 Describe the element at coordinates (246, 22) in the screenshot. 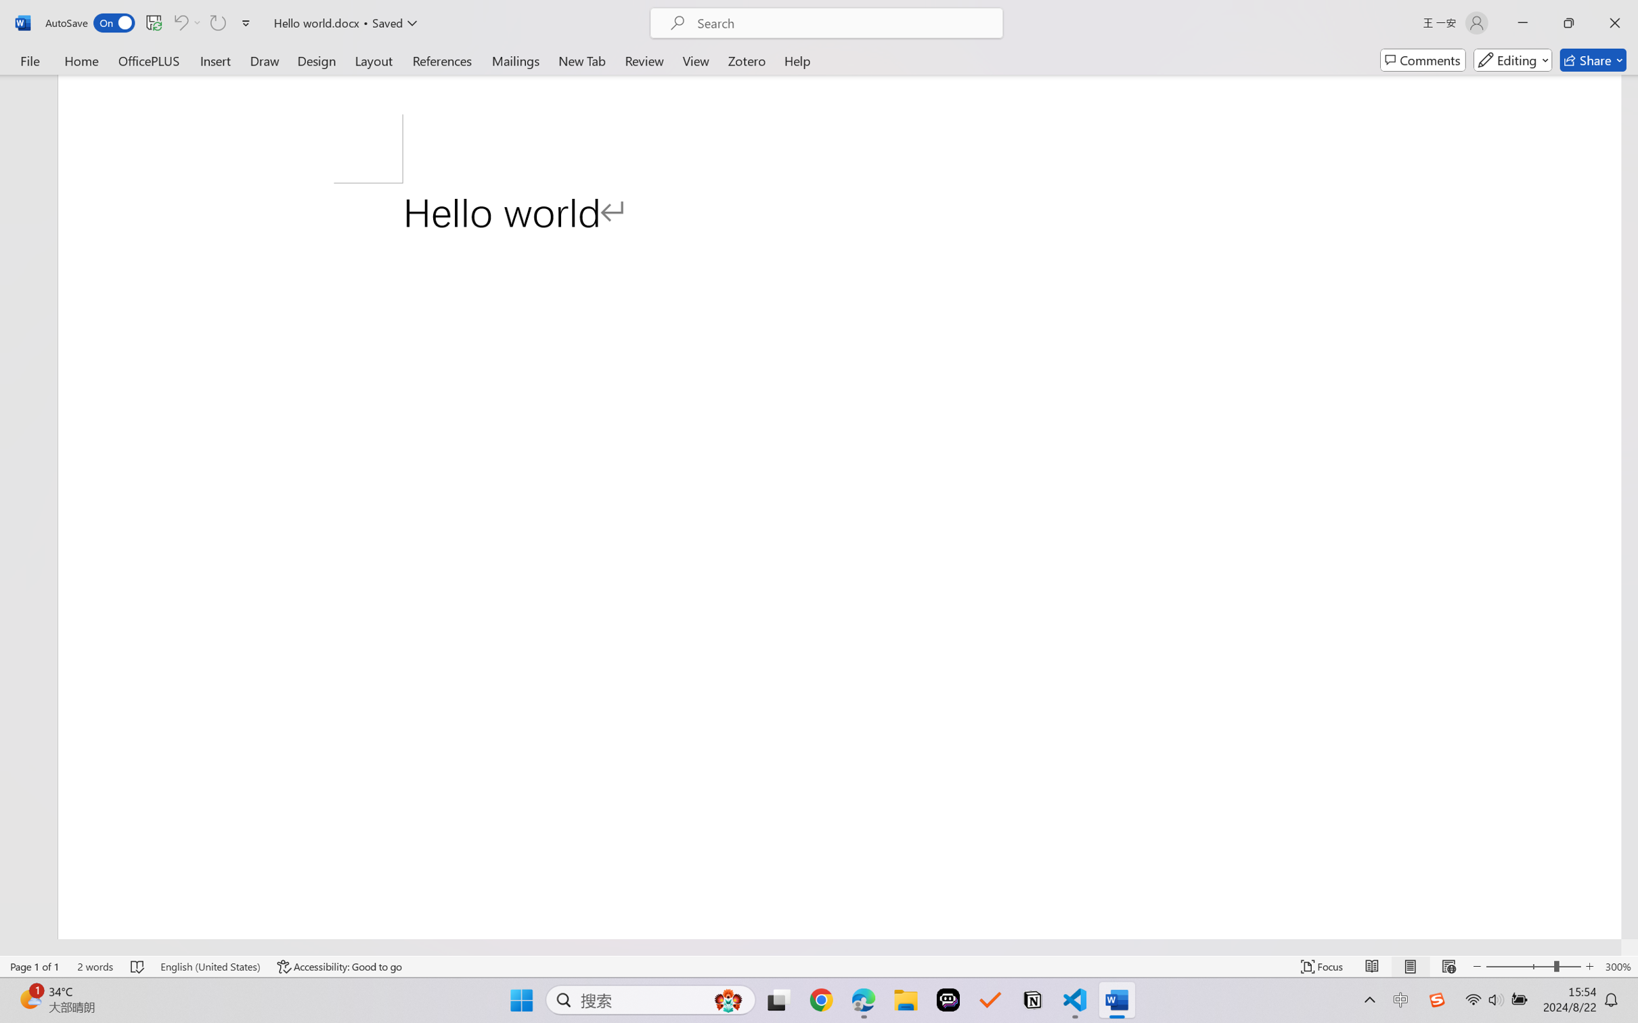

I see `'Customize Quick Access Toolbar'` at that location.